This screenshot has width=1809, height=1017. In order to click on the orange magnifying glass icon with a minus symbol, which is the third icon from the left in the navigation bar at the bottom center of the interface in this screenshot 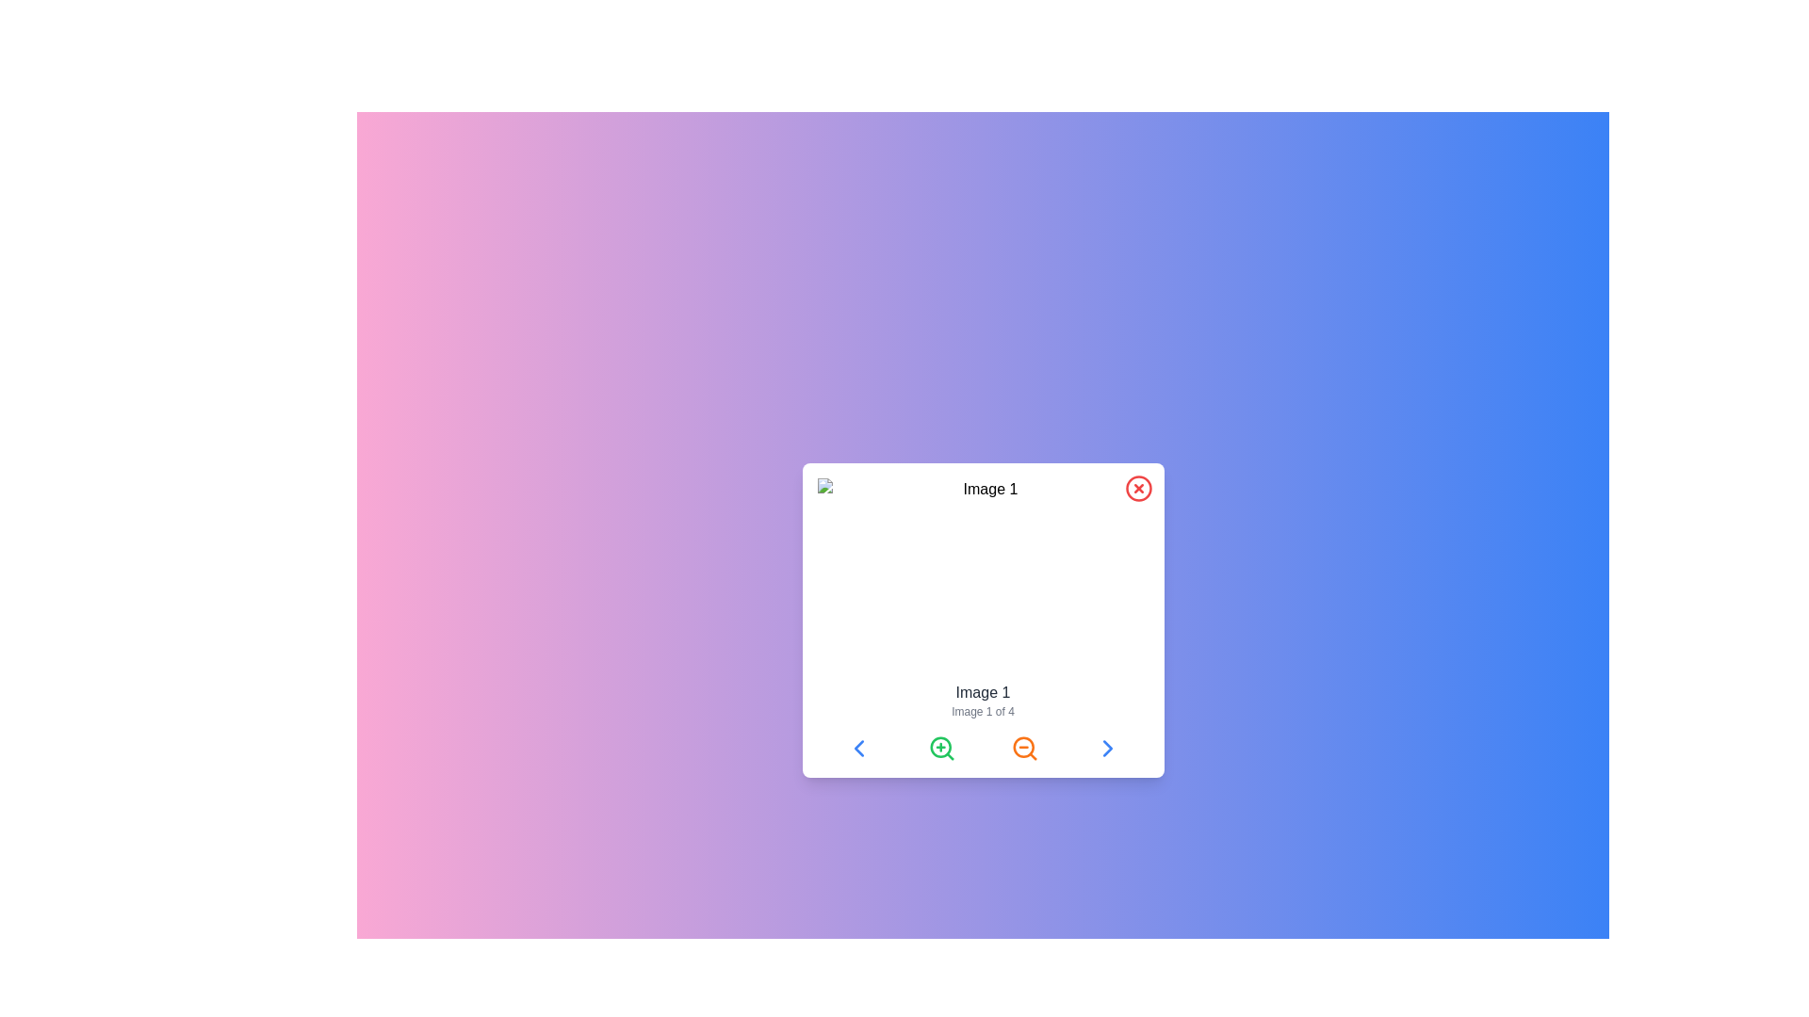, I will do `click(1023, 747)`.